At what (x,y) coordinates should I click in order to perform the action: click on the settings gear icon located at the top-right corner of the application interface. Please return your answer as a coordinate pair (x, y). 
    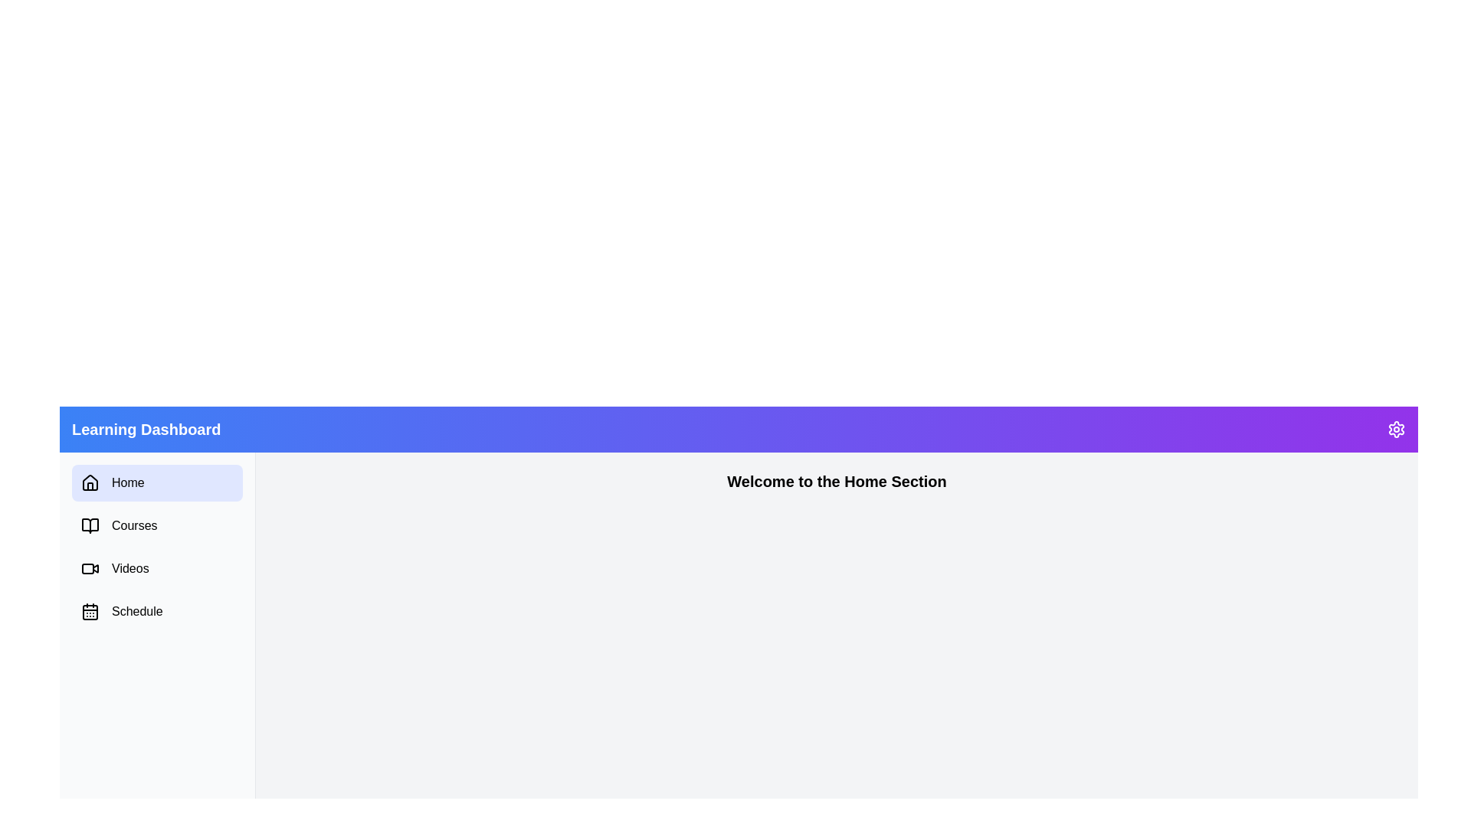
    Looking at the image, I should click on (1397, 429).